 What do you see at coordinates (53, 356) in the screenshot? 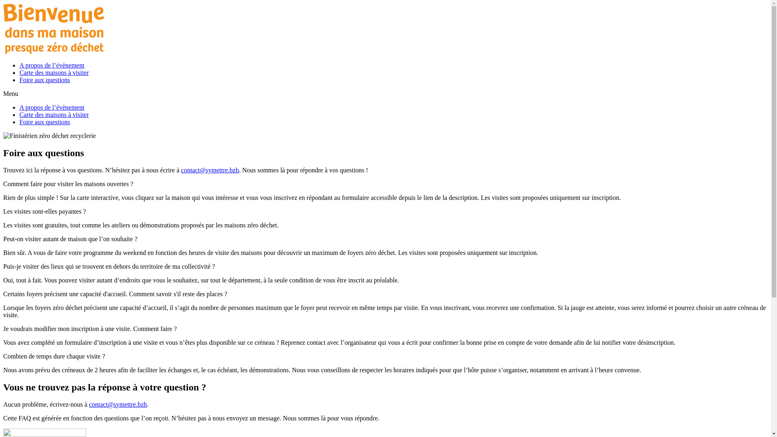
I see `'Combien de temps dure chaque visite ?'` at bounding box center [53, 356].